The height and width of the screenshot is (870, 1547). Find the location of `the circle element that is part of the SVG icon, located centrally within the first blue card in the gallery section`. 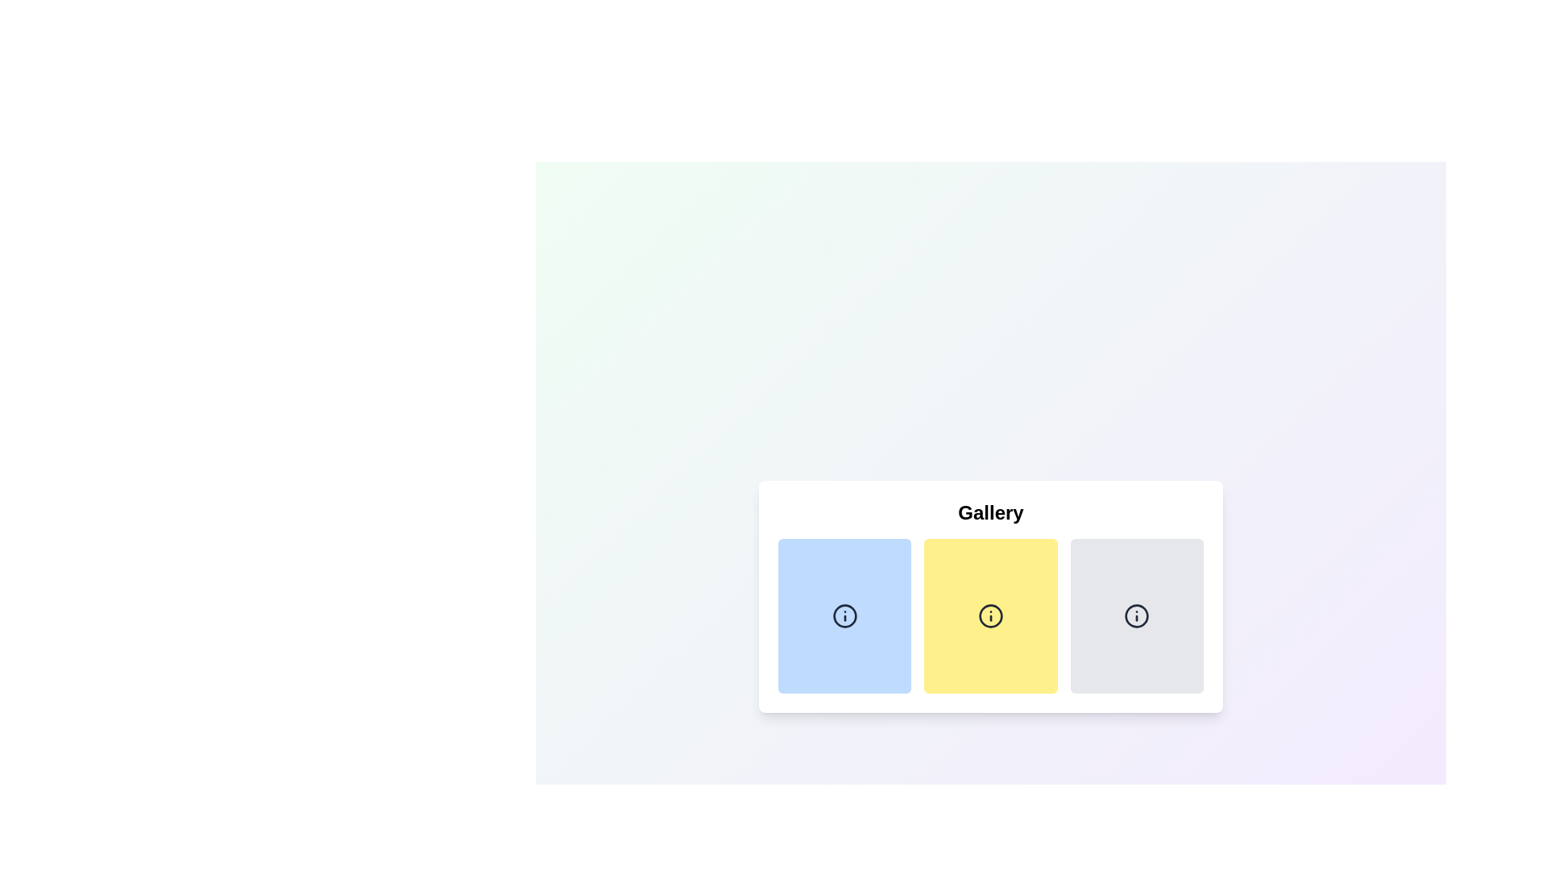

the circle element that is part of the SVG icon, located centrally within the first blue card in the gallery section is located at coordinates (844, 615).